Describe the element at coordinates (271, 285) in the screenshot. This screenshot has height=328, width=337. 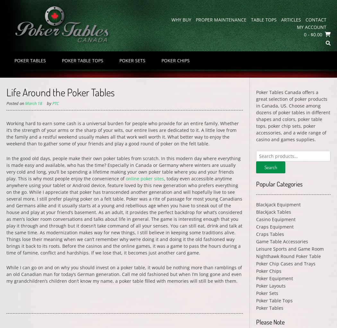
I see `'Poker Layouts'` at that location.